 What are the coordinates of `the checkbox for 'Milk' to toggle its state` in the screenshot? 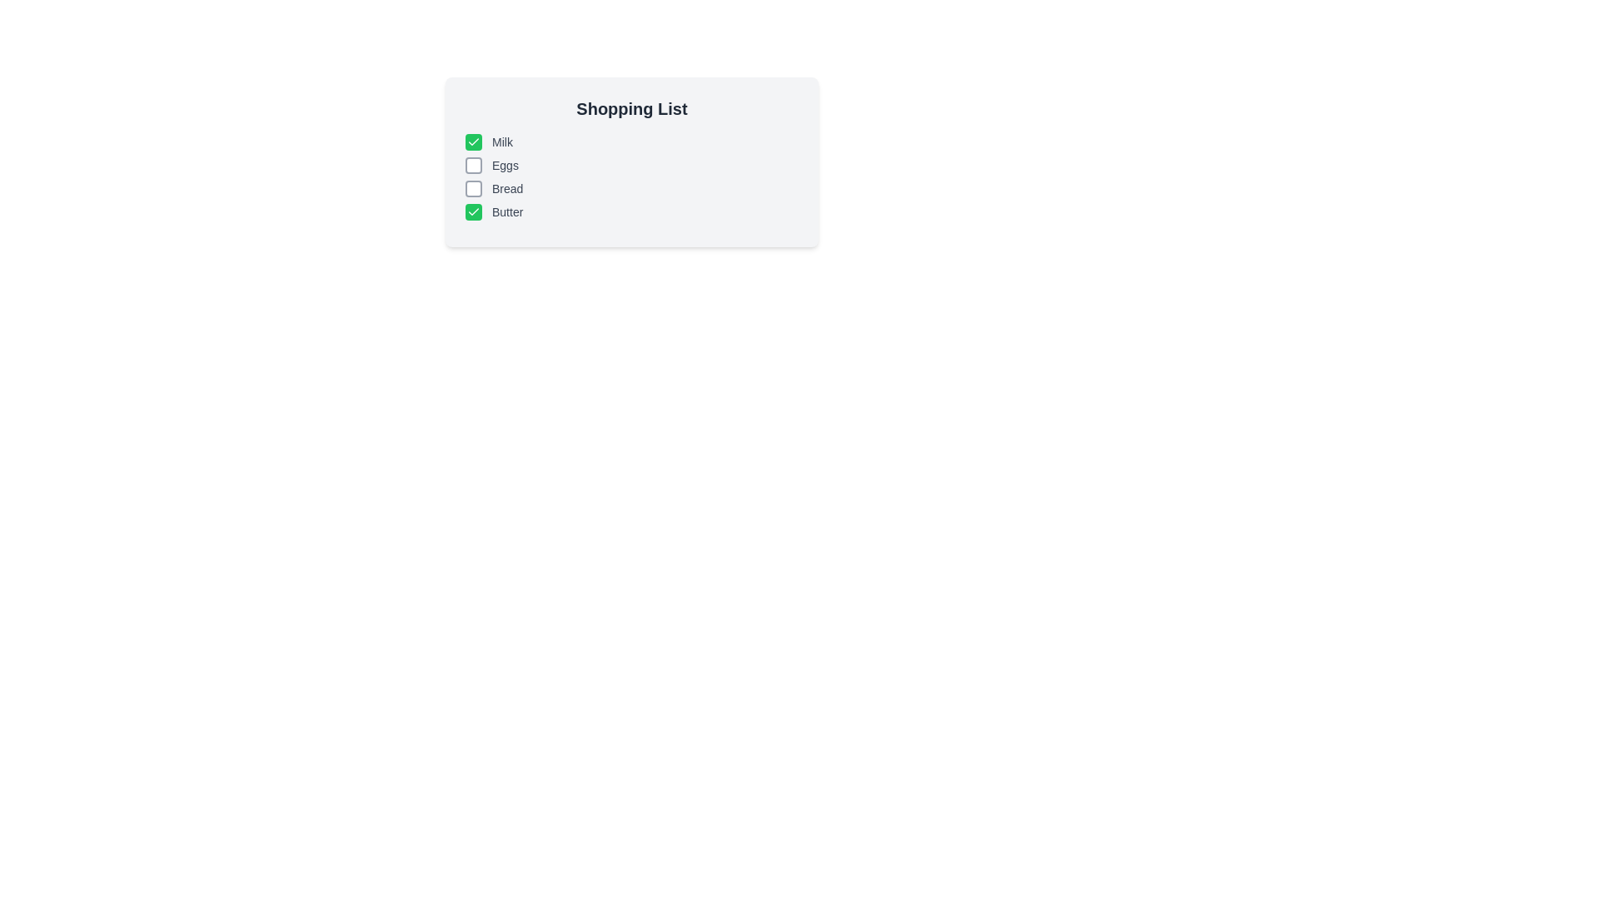 It's located at (473, 141).